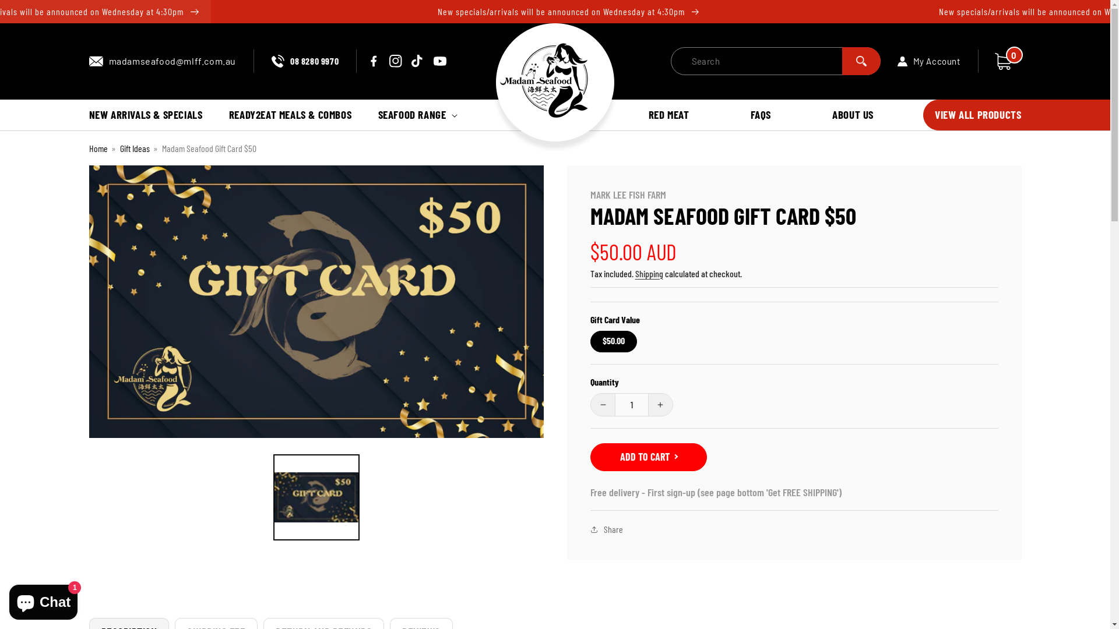 This screenshot has width=1119, height=629. I want to click on 'Home', so click(98, 147).